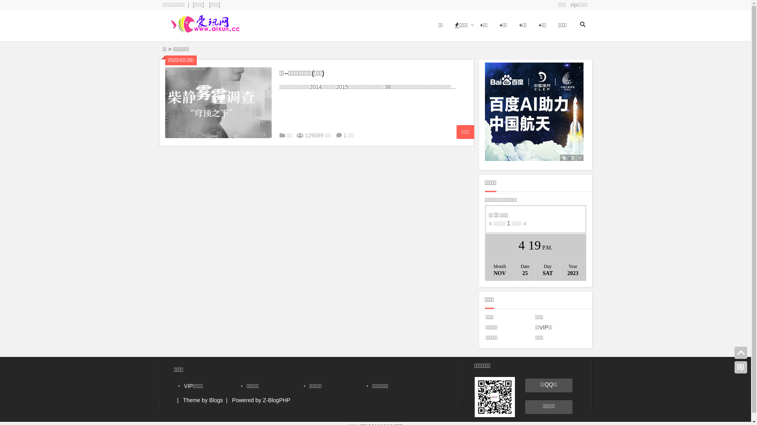 This screenshot has height=425, width=757. What do you see at coordinates (209, 400) in the screenshot?
I see `'Blogs'` at bounding box center [209, 400].